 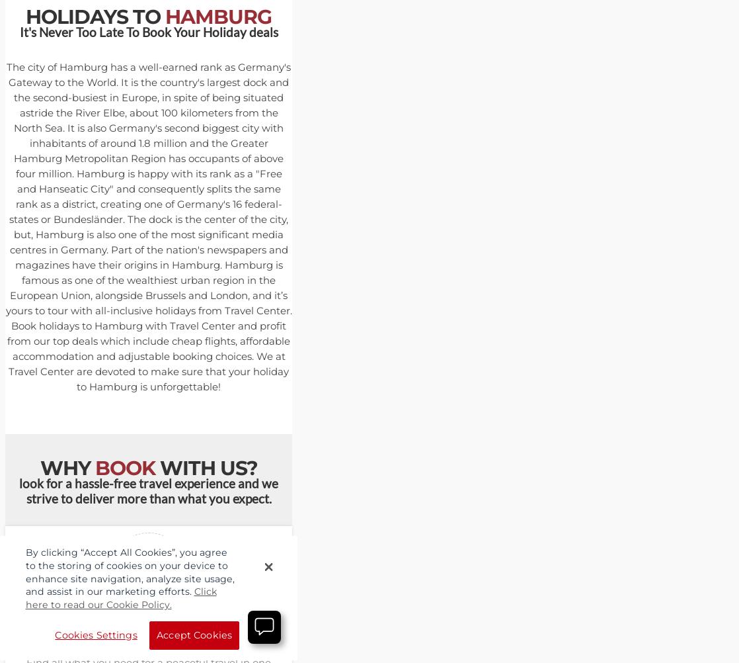 What do you see at coordinates (196, 633) in the screenshot?
I see `'Booking'` at bounding box center [196, 633].